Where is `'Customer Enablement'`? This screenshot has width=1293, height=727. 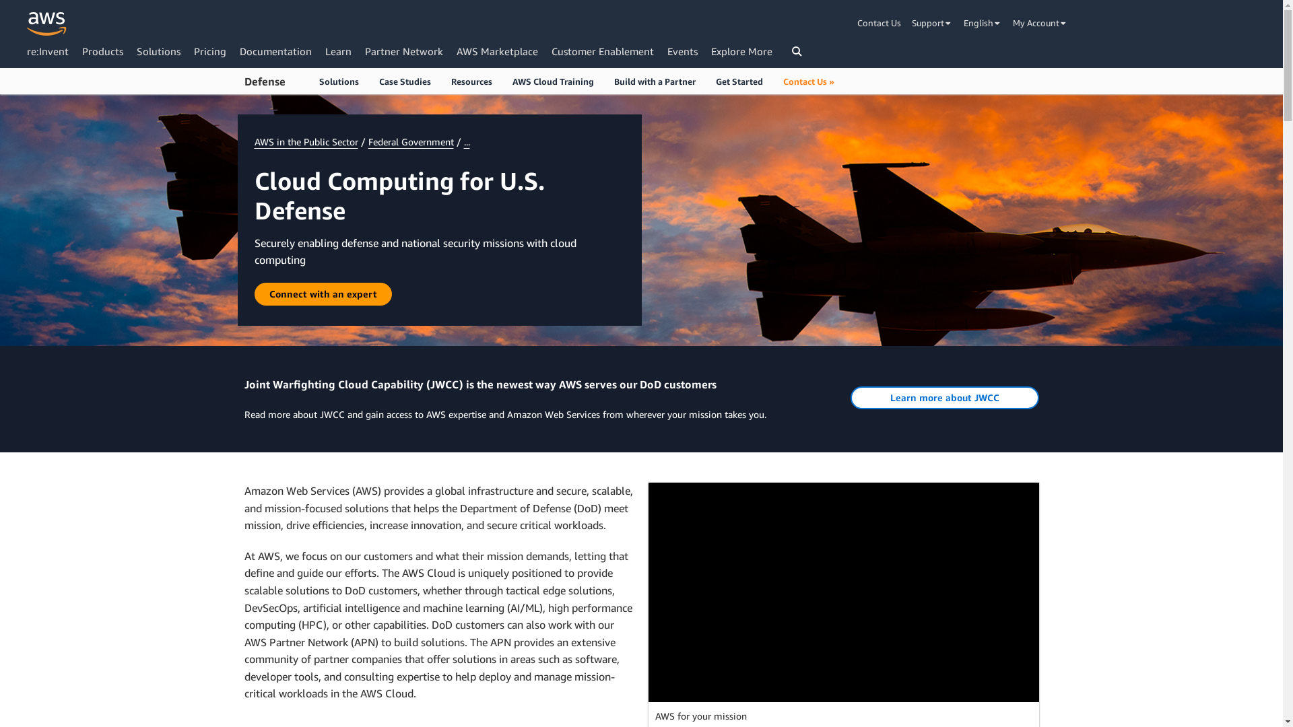 'Customer Enablement' is located at coordinates (601, 50).